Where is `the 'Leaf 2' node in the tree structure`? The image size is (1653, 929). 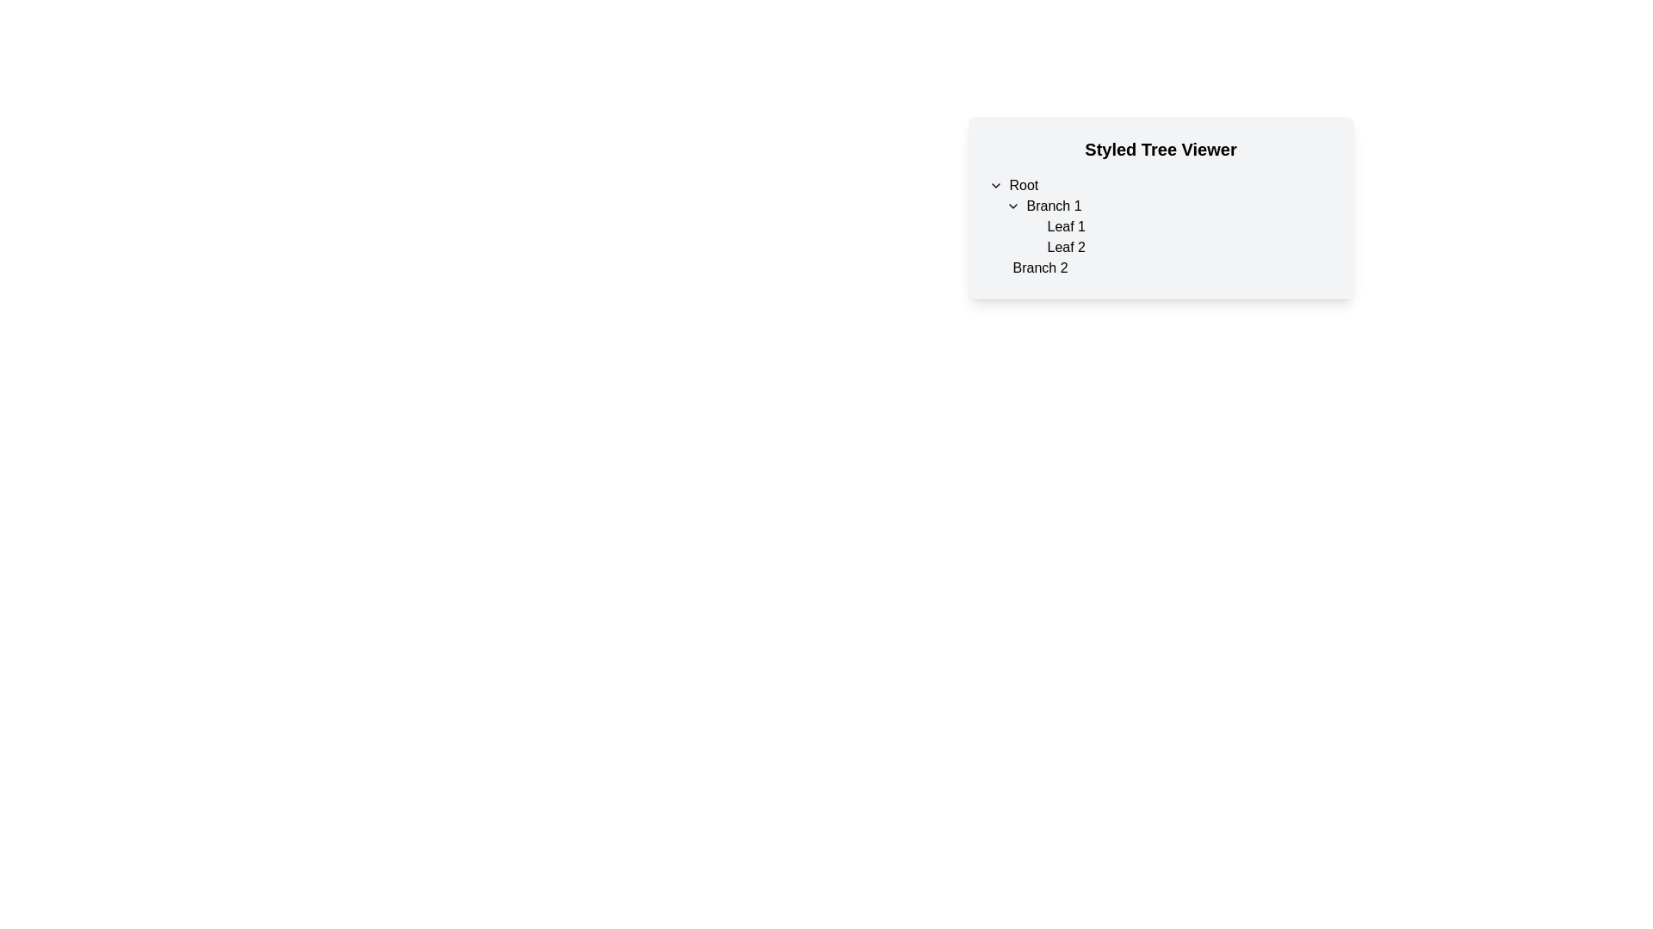
the 'Leaf 2' node in the tree structure is located at coordinates (1186, 248).